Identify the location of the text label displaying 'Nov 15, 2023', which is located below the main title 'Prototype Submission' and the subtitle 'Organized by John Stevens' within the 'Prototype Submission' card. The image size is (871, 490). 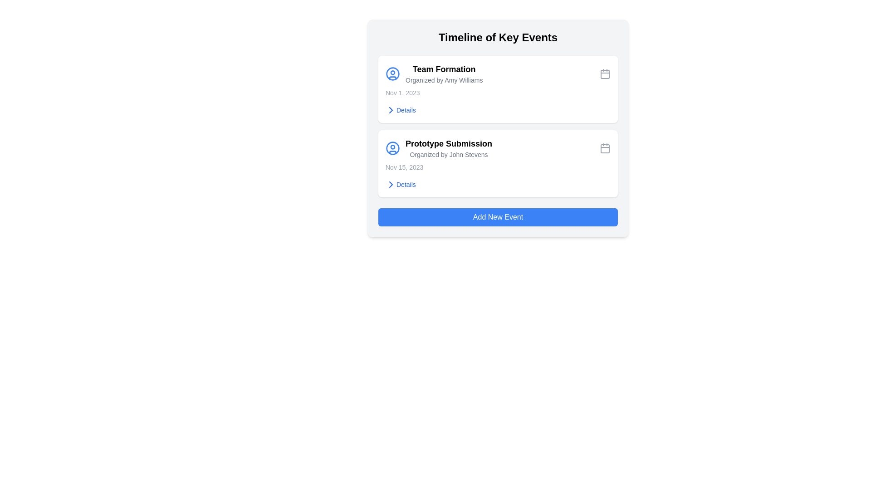
(404, 167).